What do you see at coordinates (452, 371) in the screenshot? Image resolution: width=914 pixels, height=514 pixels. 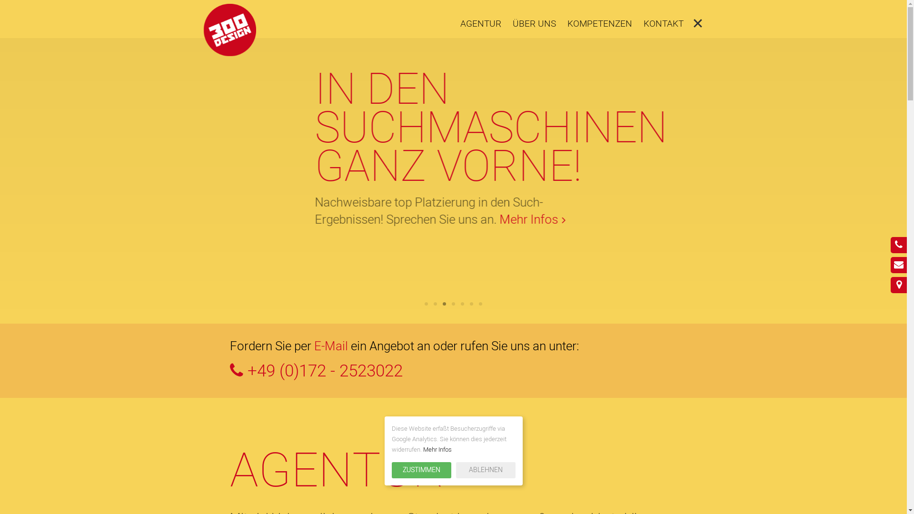 I see `'+49 (0)172 - 2523022'` at bounding box center [452, 371].